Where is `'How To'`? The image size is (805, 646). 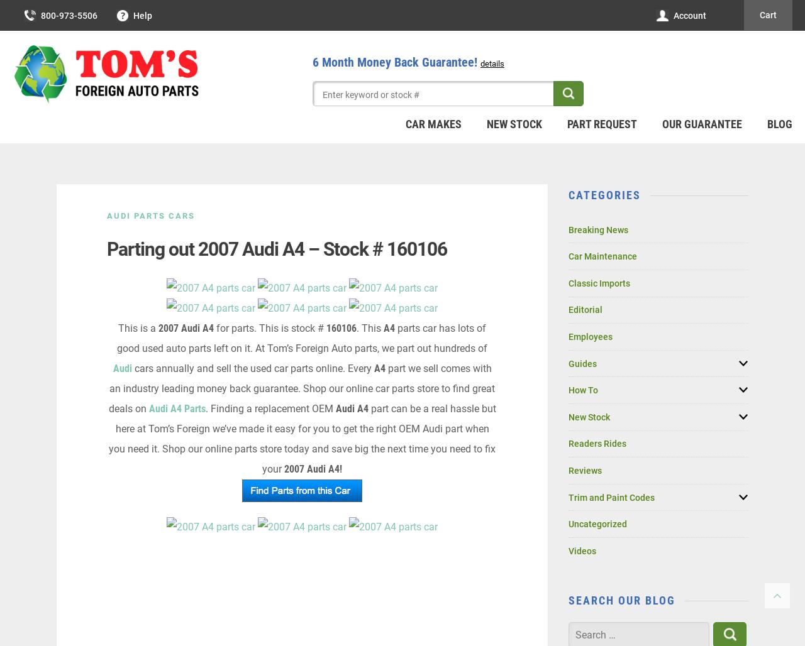
'How To' is located at coordinates (582, 390).